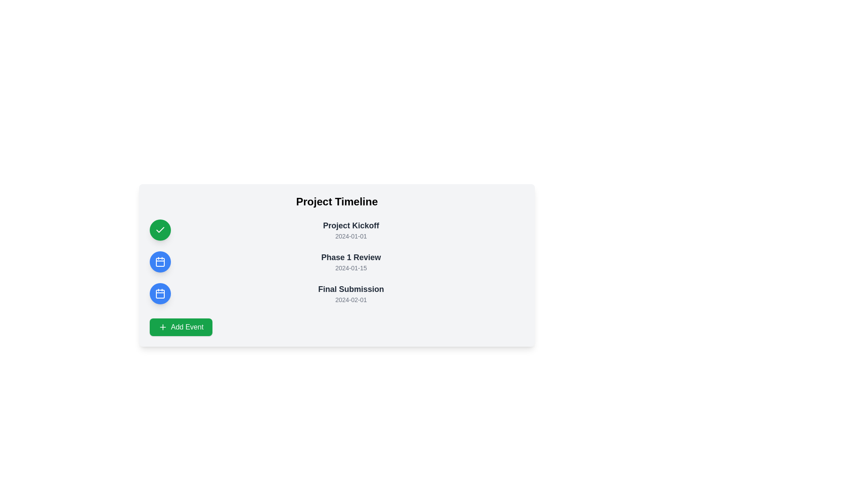 This screenshot has width=848, height=477. What do you see at coordinates (180, 327) in the screenshot?
I see `the 'Add Event' button located at the bottom-left corner of the interface, below a list of circular icons` at bounding box center [180, 327].